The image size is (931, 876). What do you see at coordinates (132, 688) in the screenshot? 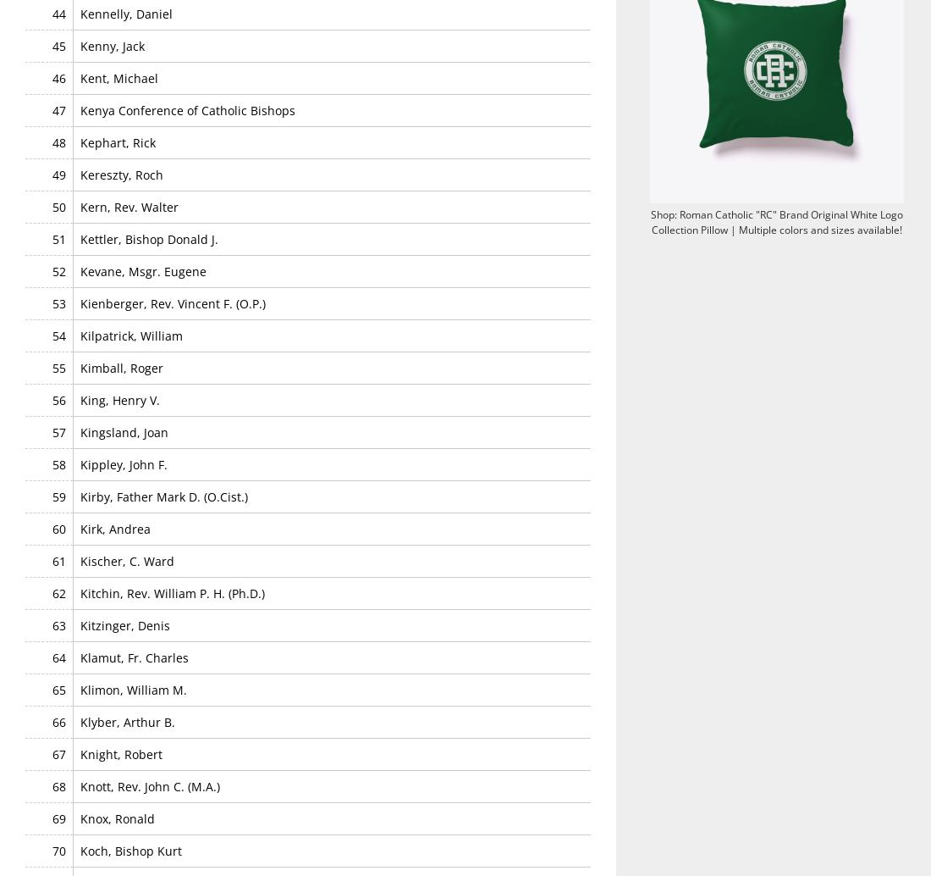
I see `'Klimon, William M.'` at bounding box center [132, 688].